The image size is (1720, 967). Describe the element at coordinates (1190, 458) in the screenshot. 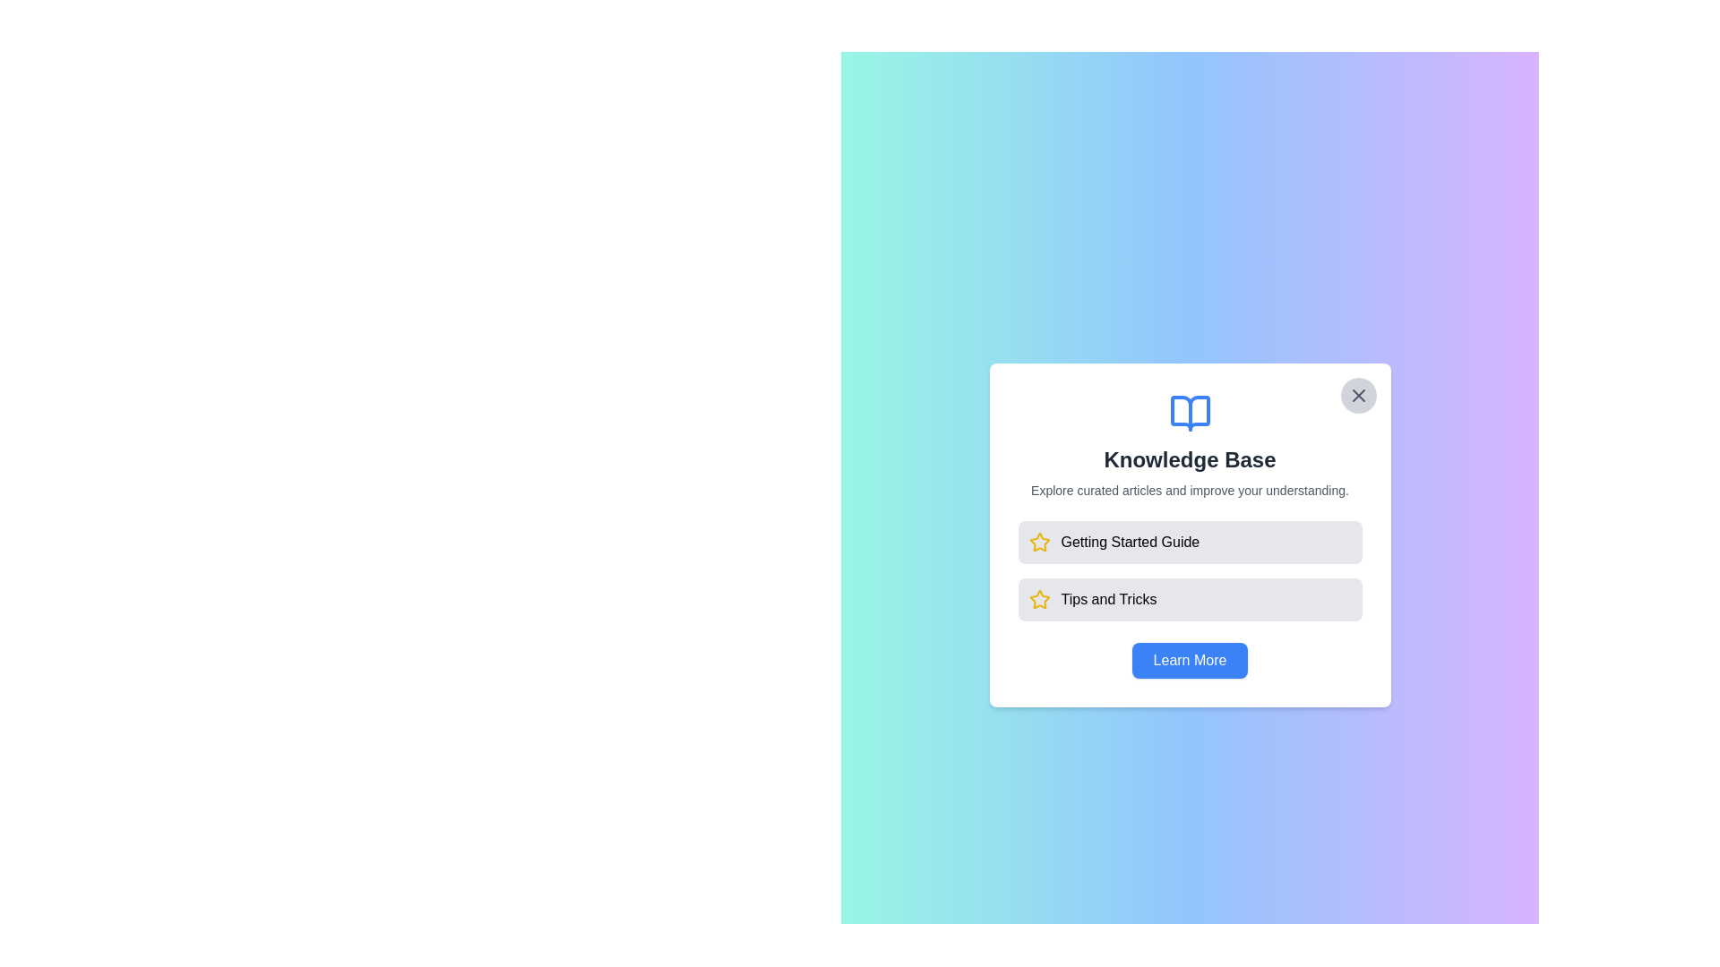

I see `the 'Knowledge Base' text label that is prominently displayed in bold and enlarged font, positioned centrally within the panel` at that location.